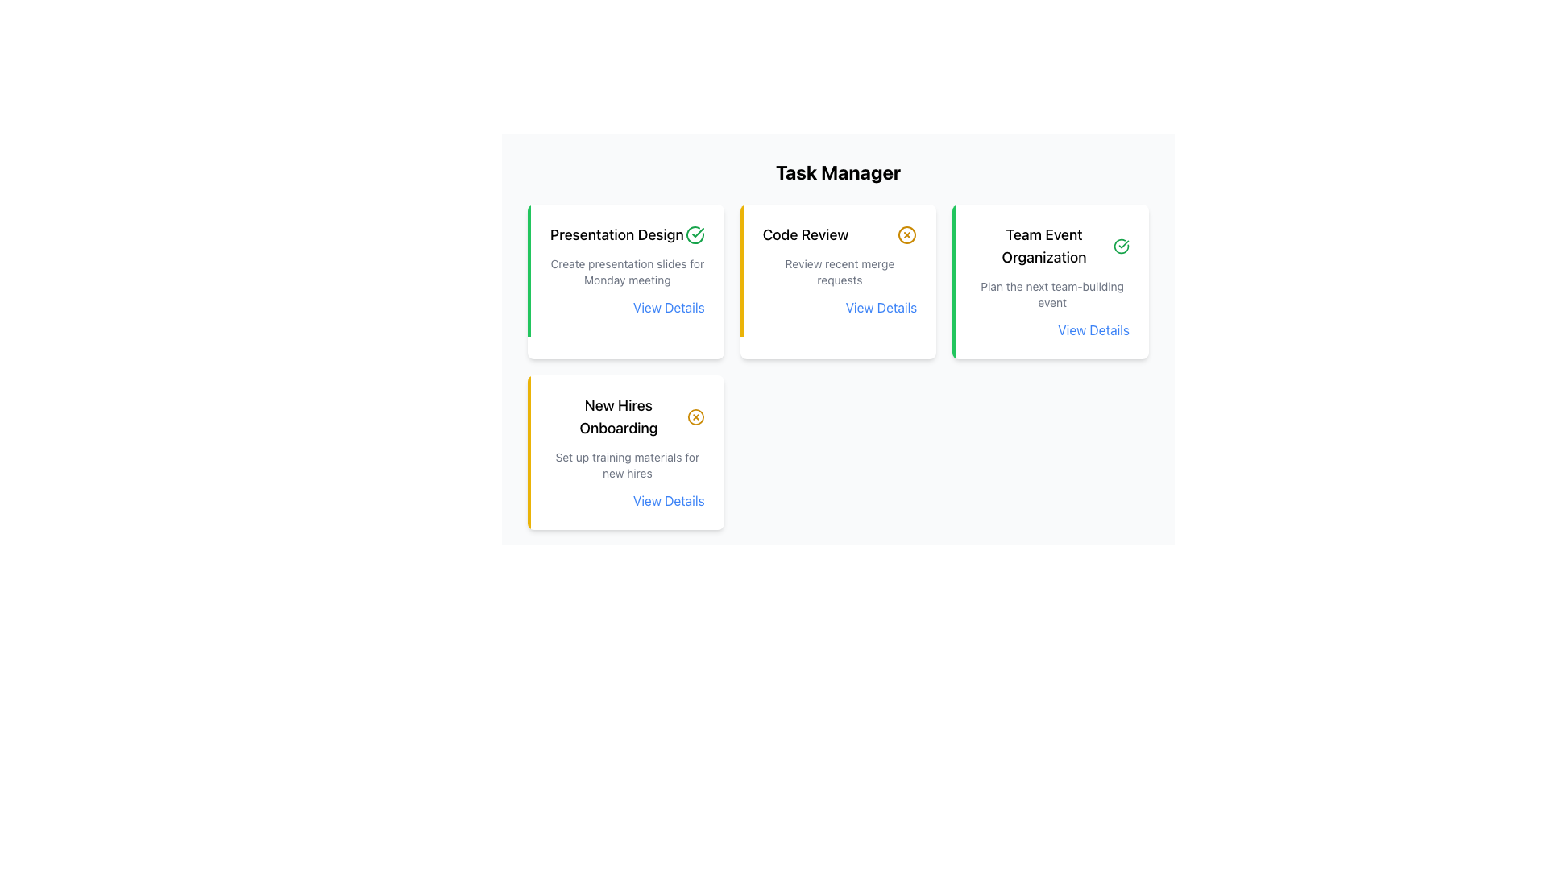 Image resolution: width=1547 pixels, height=870 pixels. Describe the element at coordinates (805, 235) in the screenshot. I see `the 'Code Review' text label, which is styled with a larger font size and medium weight, located within a card layout on the task management interface` at that location.